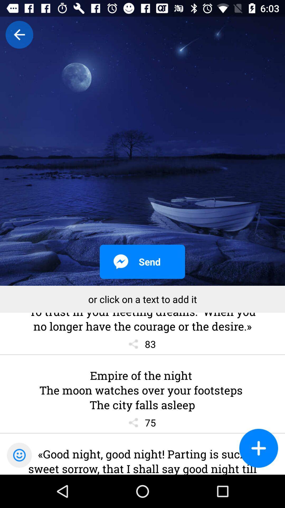 The image size is (285, 508). What do you see at coordinates (258, 448) in the screenshot?
I see `the button on the bottom right corner of the web page` at bounding box center [258, 448].